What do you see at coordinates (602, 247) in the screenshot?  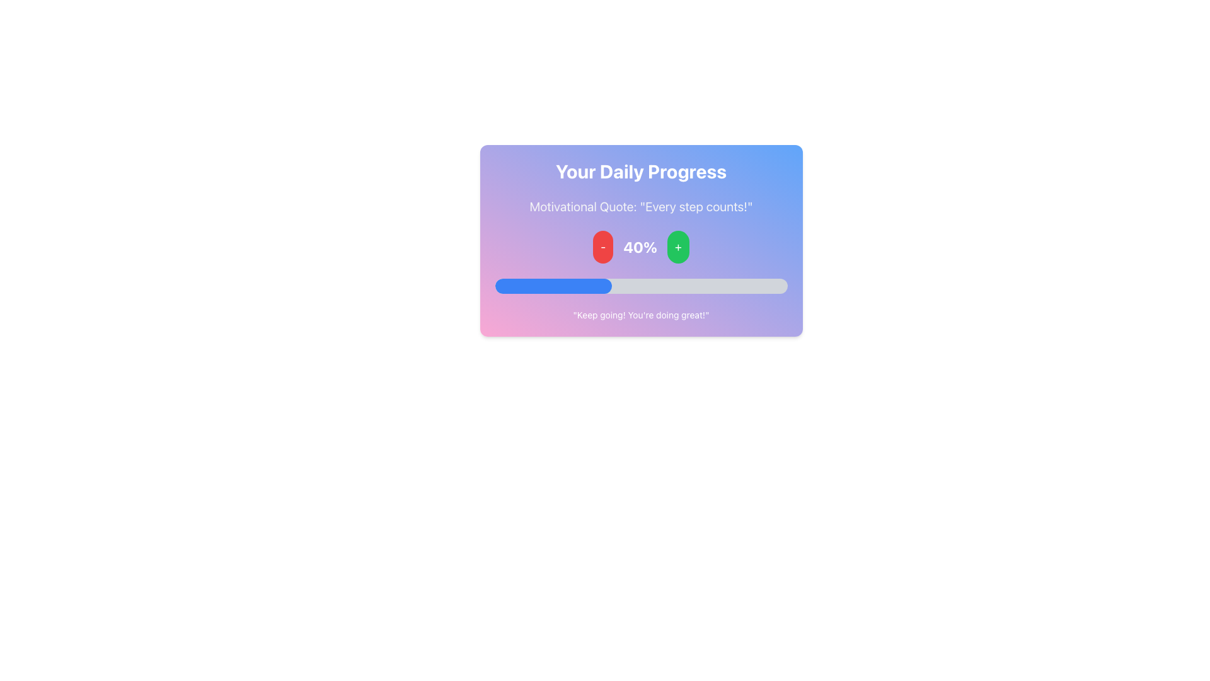 I see `the circular red button with a white hyphen to observe its hover effects` at bounding box center [602, 247].